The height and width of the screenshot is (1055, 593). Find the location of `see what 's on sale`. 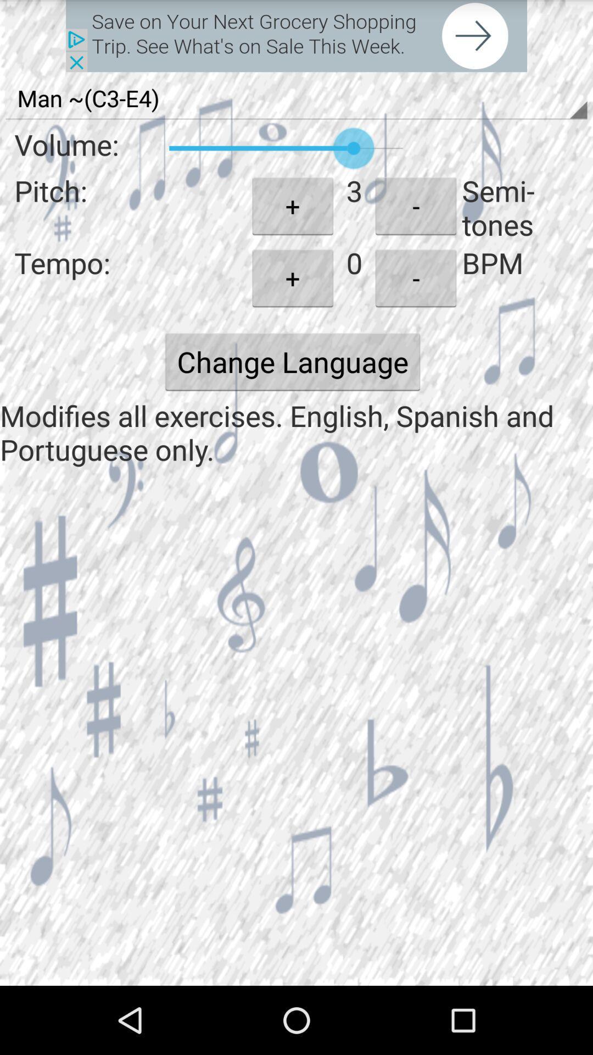

see what 's on sale is located at coordinates (296, 36).